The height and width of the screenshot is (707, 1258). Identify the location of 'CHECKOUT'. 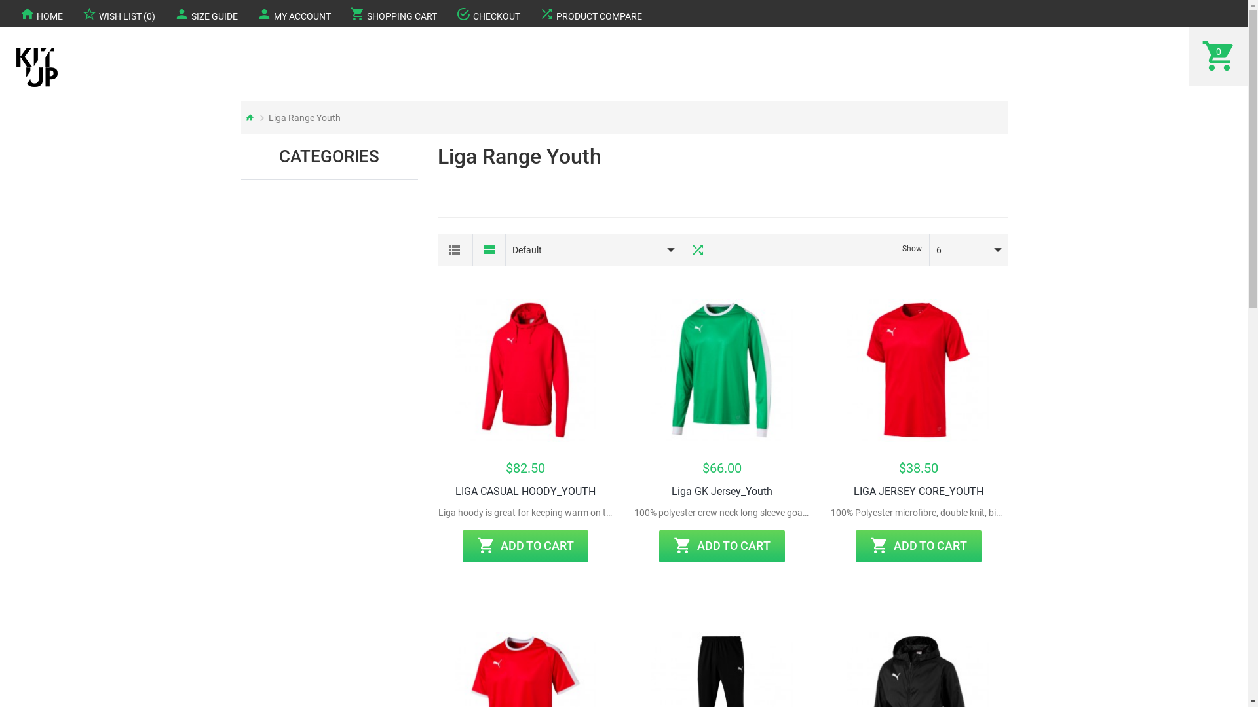
(446, 13).